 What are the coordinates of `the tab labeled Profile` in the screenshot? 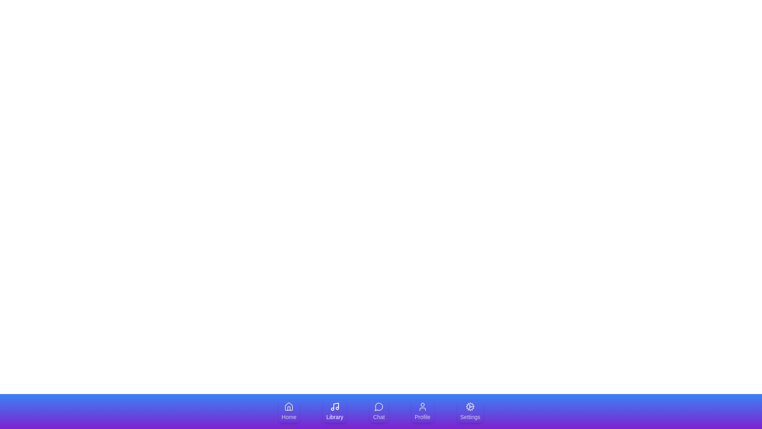 It's located at (422, 411).